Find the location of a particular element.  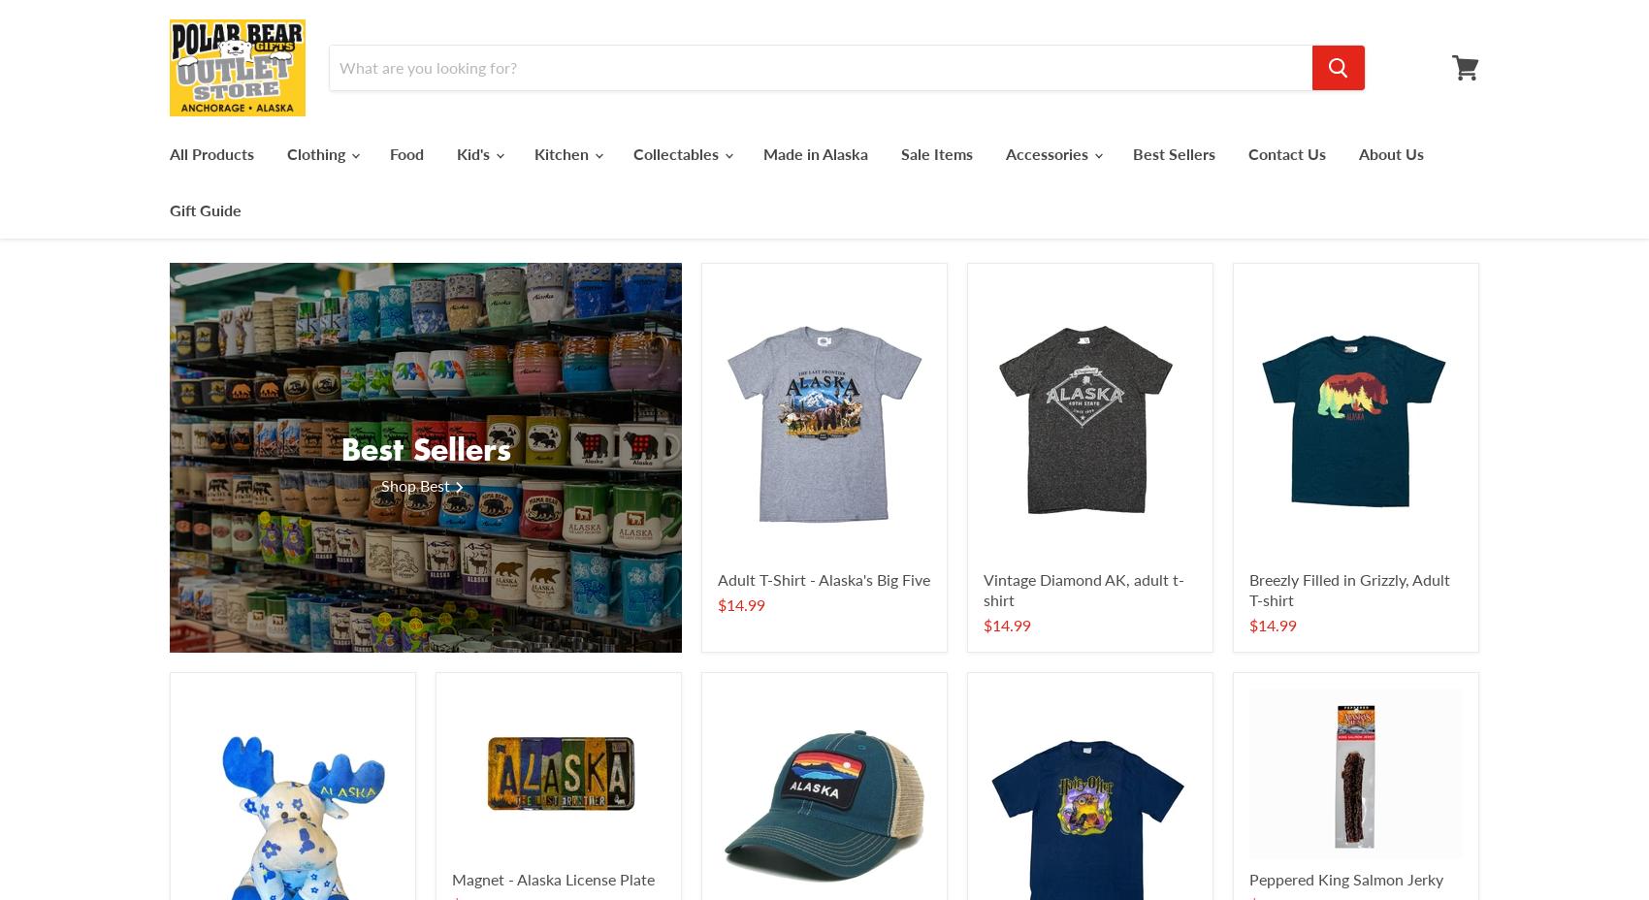

'Adult T-Shirt - Alaska's Big Five' is located at coordinates (718, 578).